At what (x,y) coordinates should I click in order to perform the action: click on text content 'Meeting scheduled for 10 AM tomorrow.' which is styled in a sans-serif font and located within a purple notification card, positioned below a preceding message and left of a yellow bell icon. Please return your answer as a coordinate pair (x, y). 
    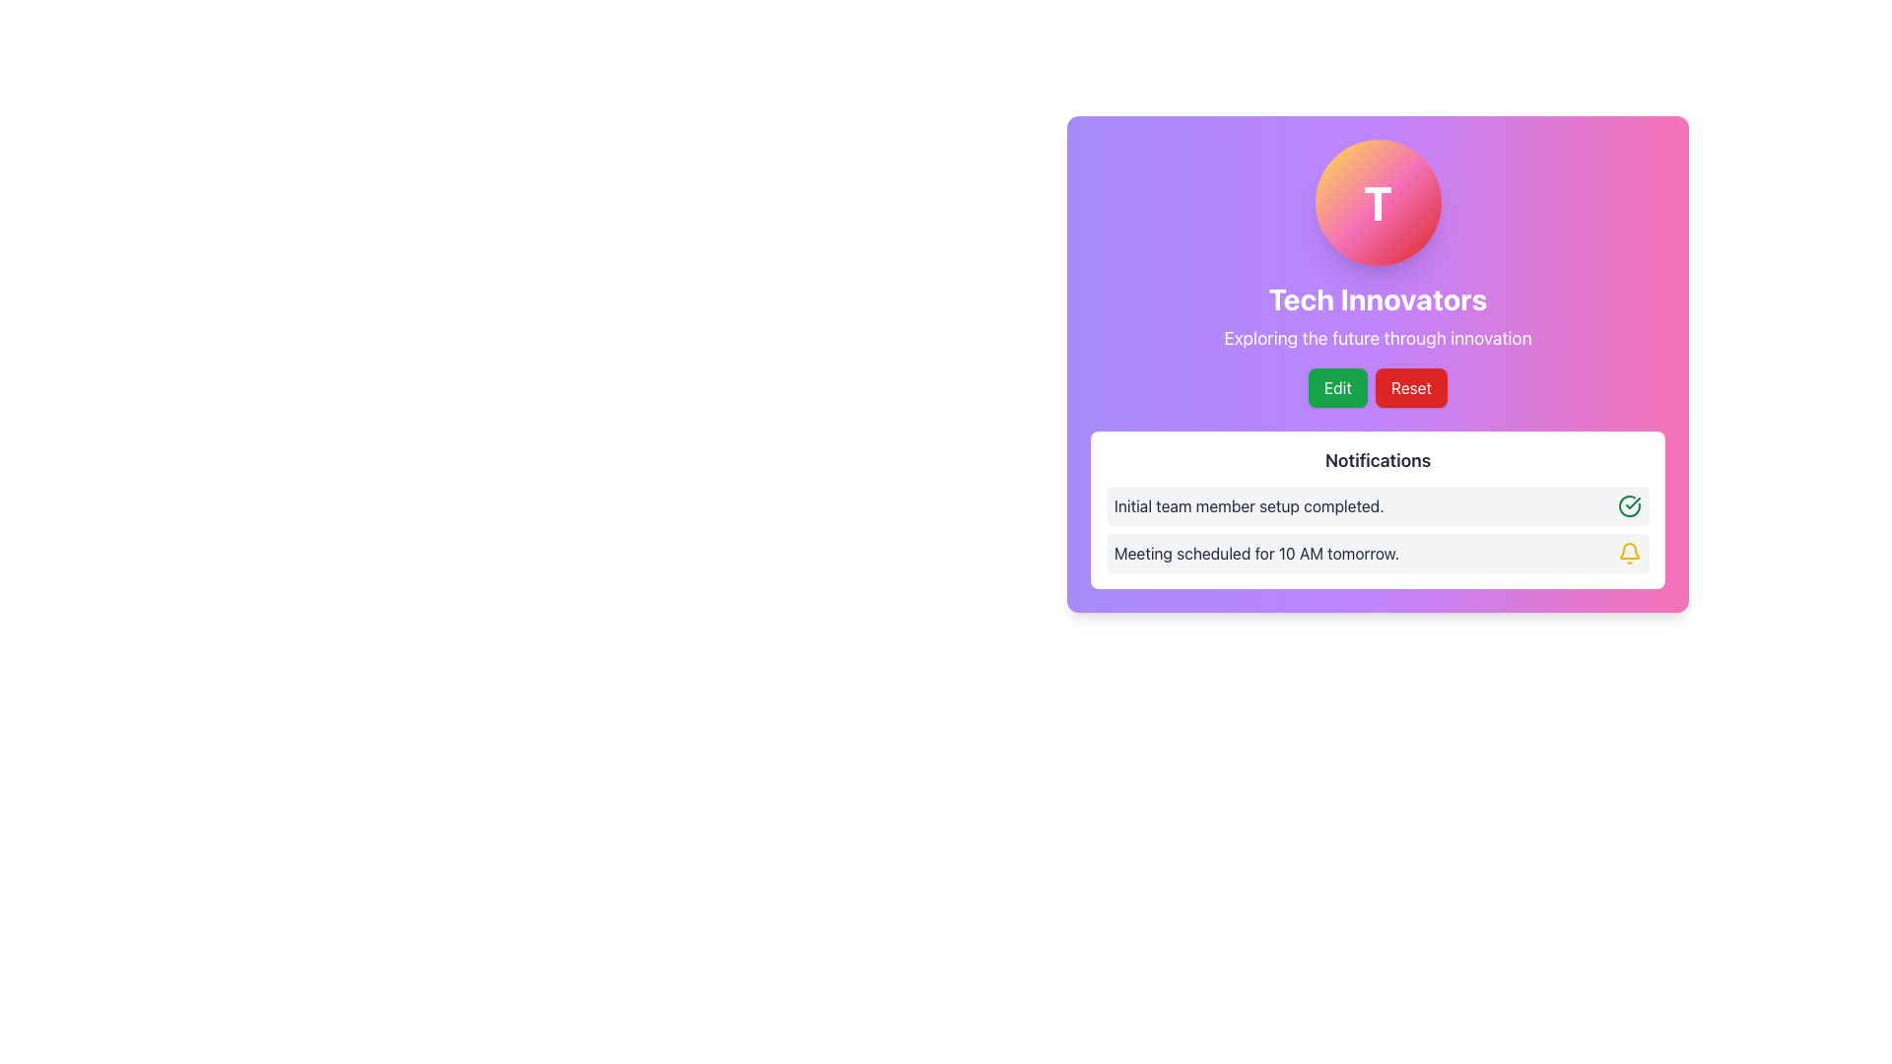
    Looking at the image, I should click on (1255, 554).